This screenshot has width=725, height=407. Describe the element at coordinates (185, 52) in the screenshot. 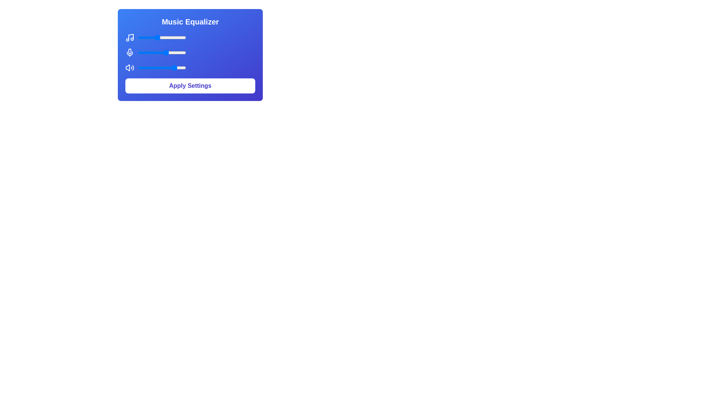

I see `the slider` at that location.